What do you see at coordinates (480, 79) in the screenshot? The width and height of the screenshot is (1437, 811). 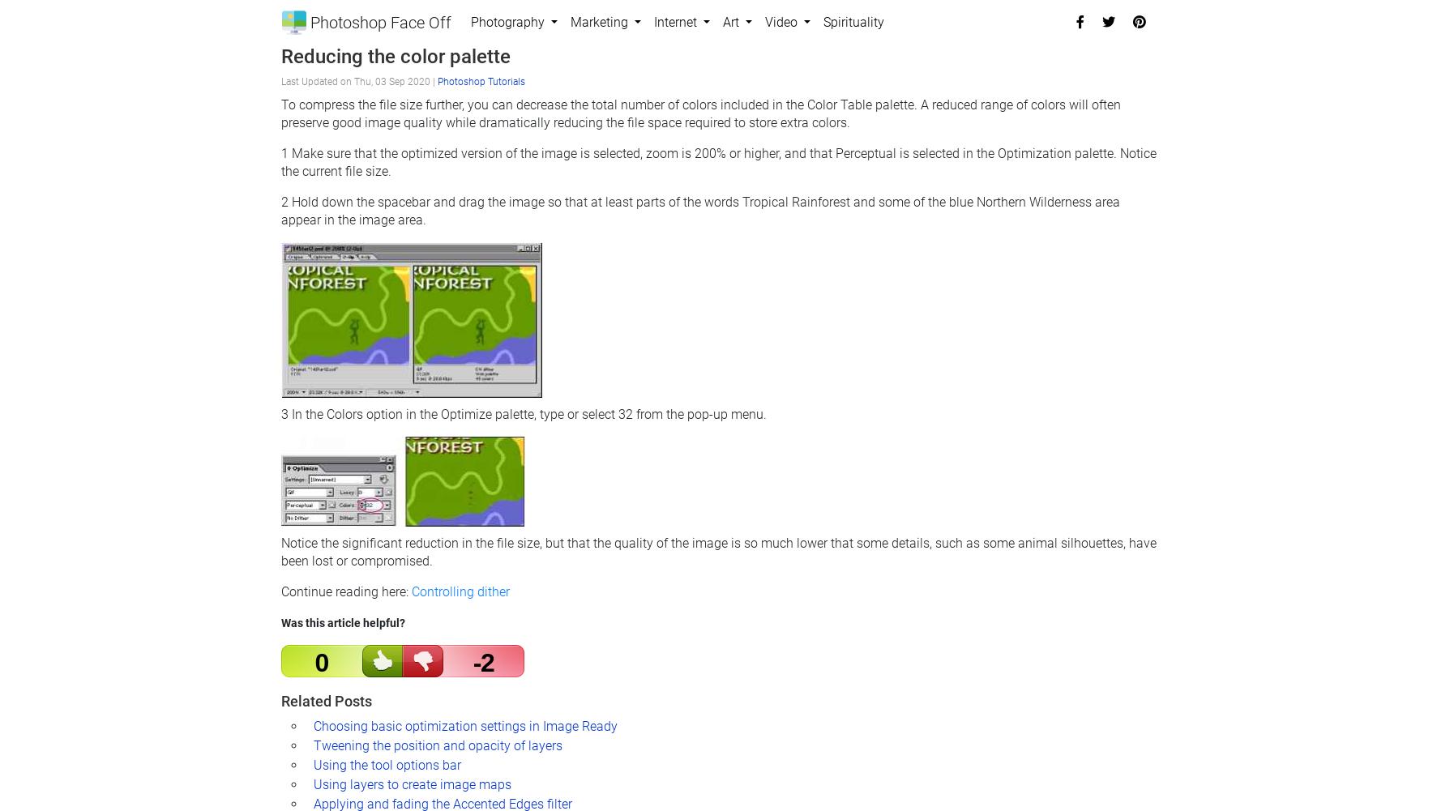 I see `'Photoshop Tutorials'` at bounding box center [480, 79].